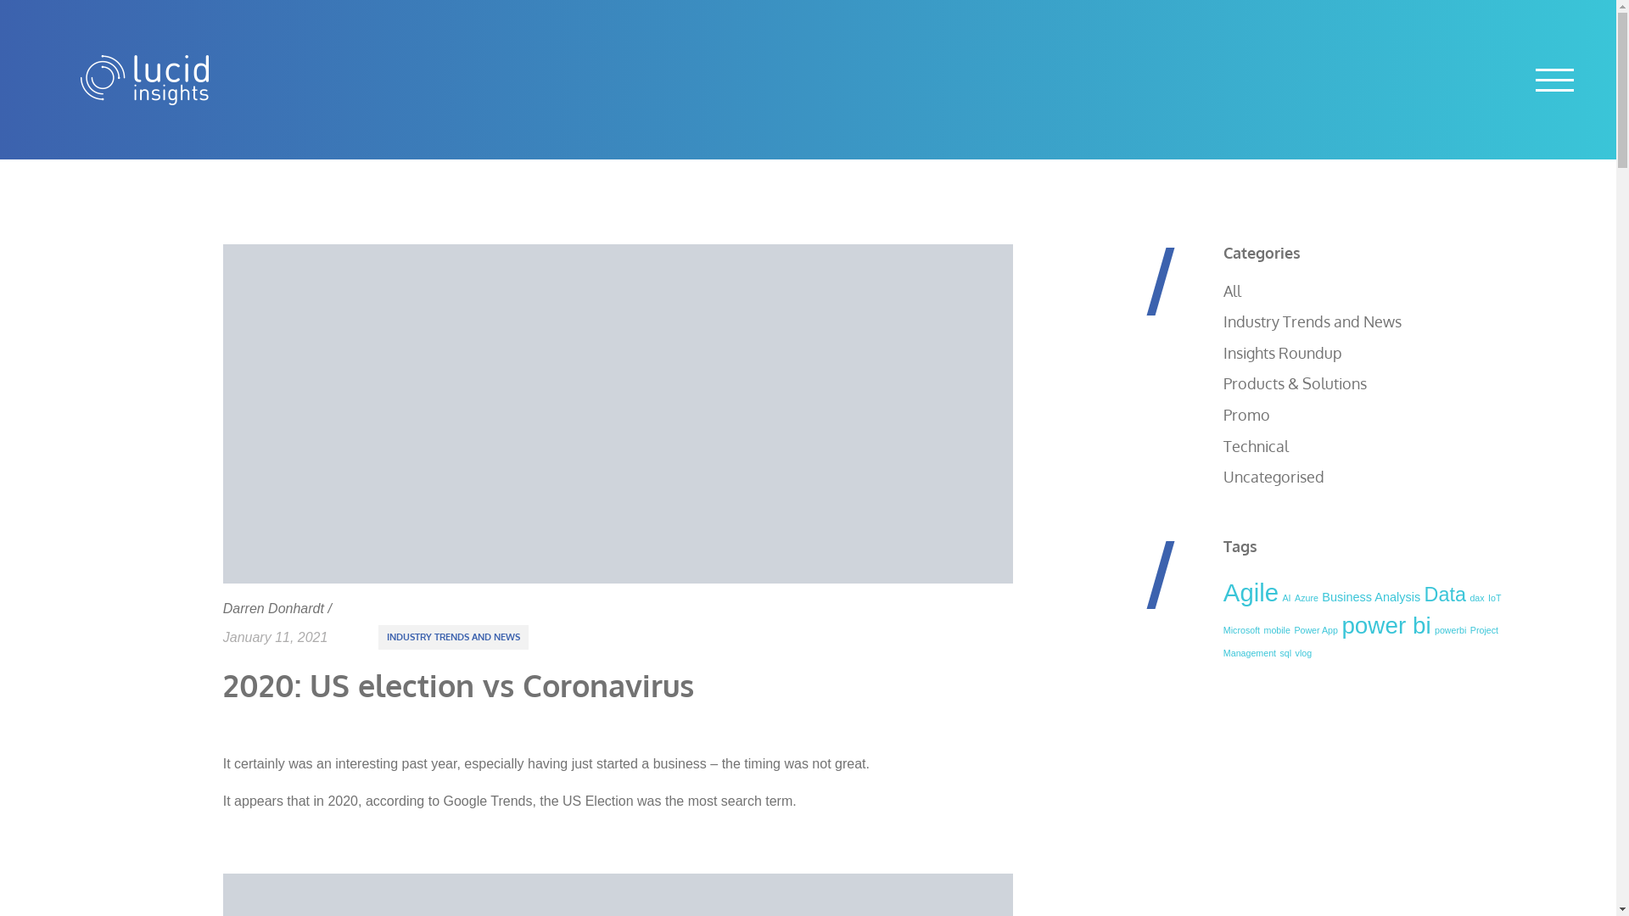 The image size is (1629, 916). Describe the element at coordinates (1321, 596) in the screenshot. I see `'Business Analysis'` at that location.